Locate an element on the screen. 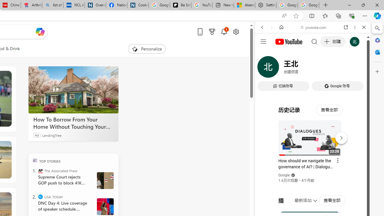 This screenshot has height=216, width=384. 'Search the web' is located at coordinates (315, 41).